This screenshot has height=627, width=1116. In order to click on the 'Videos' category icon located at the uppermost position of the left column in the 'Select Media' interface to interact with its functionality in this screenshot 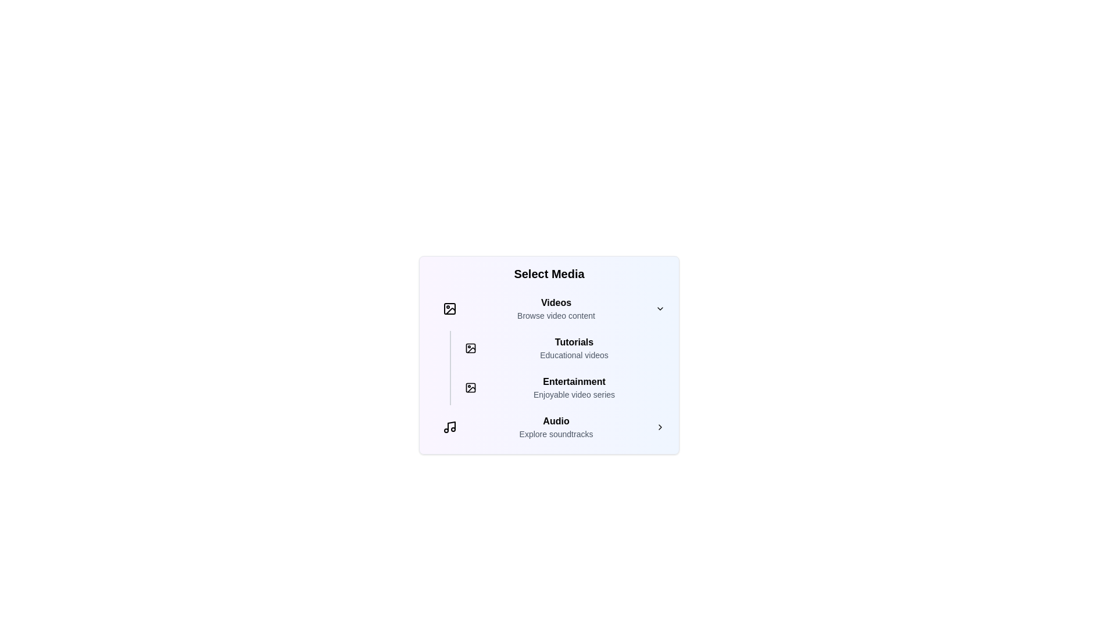, I will do `click(449, 308)`.